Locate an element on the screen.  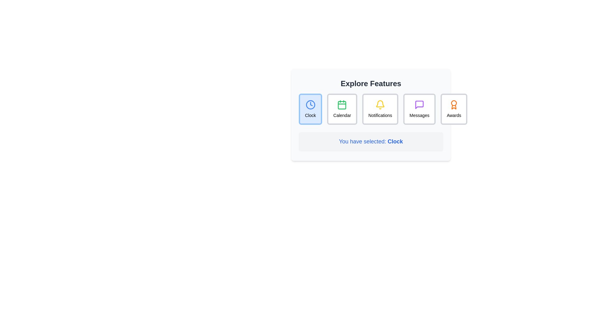
the decorative central area of the calendar icon located within the 'Calendar' button, which is the third icon in the row near the top of the central informational section is located at coordinates (342, 105).